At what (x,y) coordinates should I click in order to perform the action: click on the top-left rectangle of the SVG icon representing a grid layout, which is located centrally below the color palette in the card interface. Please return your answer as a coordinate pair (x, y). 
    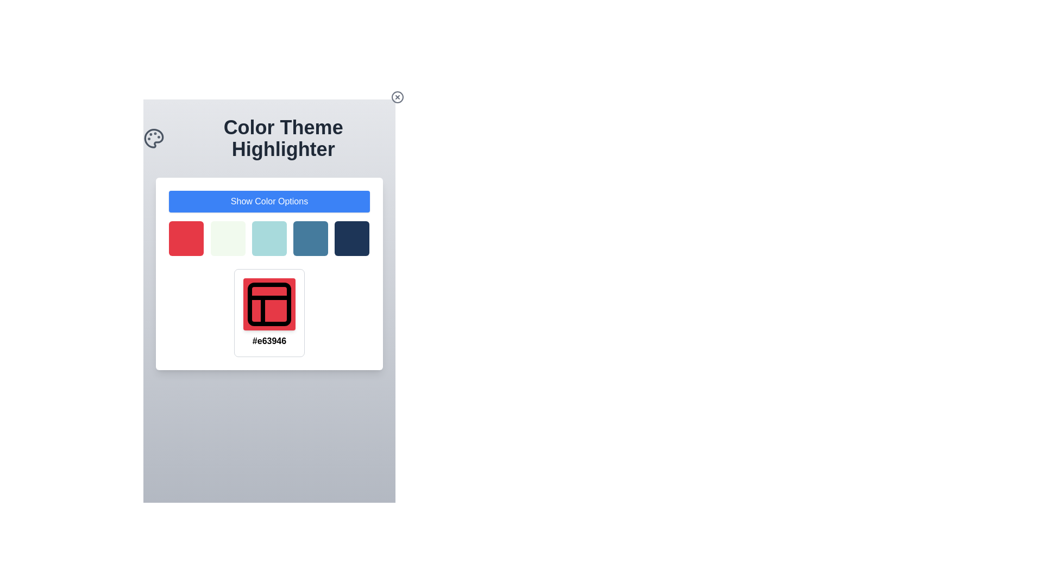
    Looking at the image, I should click on (269, 304).